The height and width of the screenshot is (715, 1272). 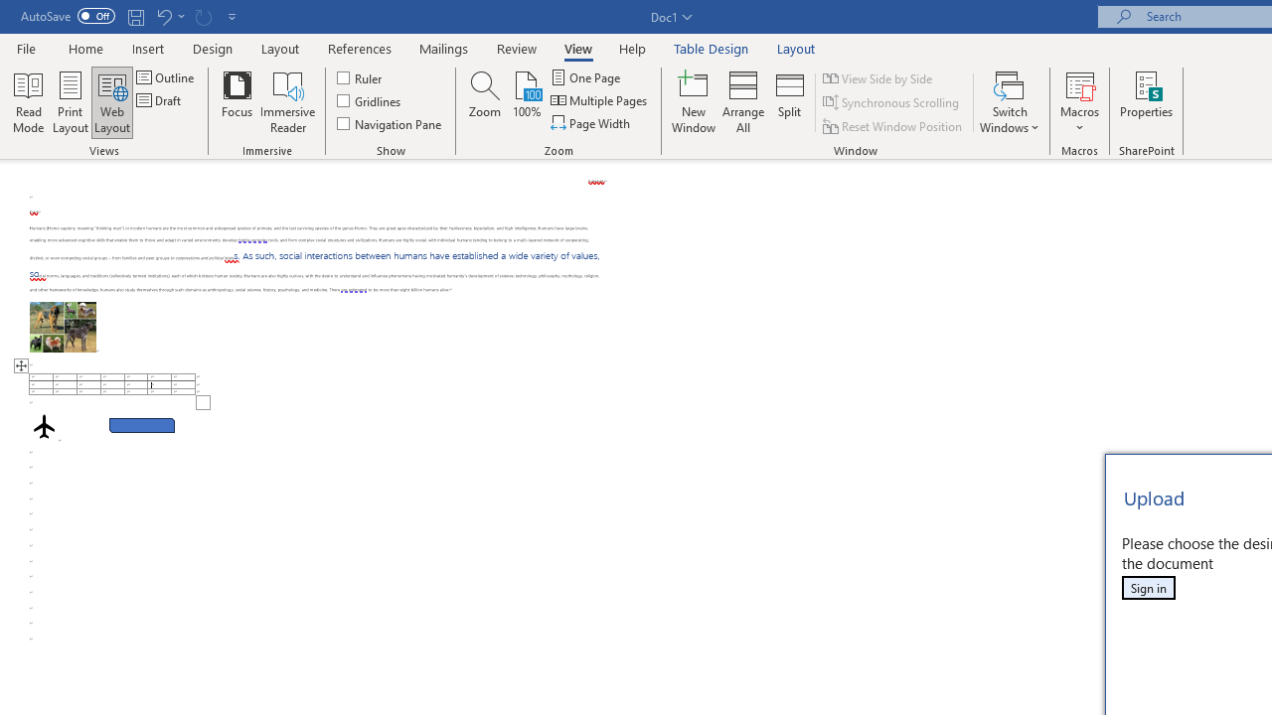 What do you see at coordinates (485, 102) in the screenshot?
I see `'Zoom...'` at bounding box center [485, 102].